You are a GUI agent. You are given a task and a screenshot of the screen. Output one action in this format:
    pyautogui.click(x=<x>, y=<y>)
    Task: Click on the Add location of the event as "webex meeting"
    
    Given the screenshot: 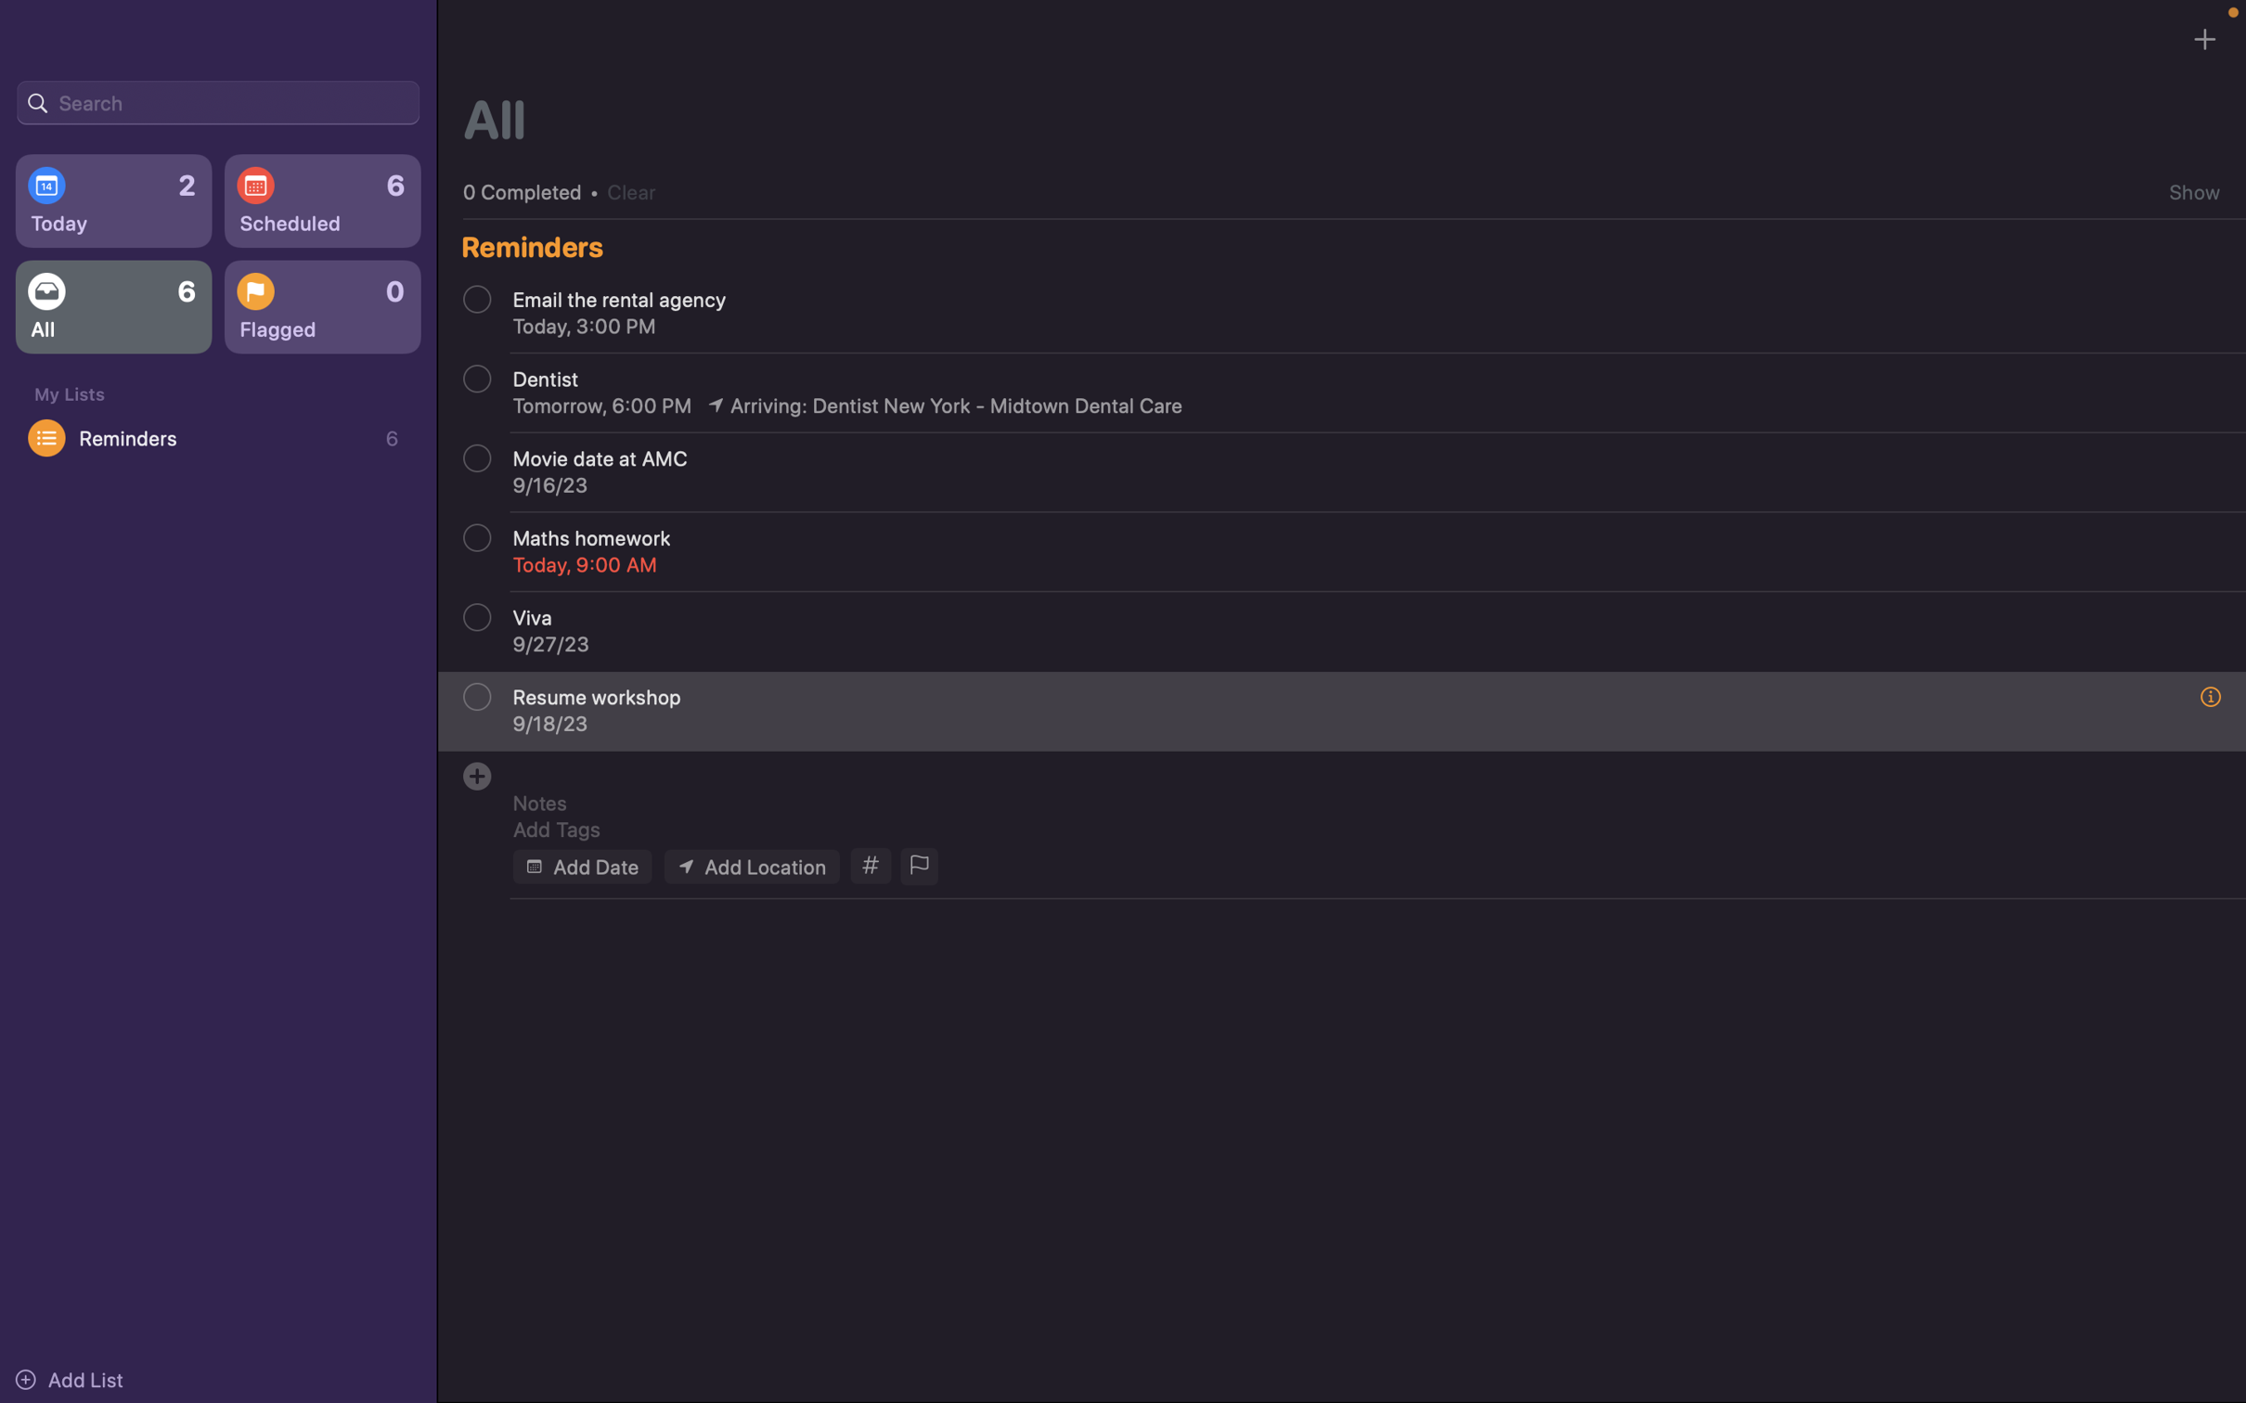 What is the action you would take?
    pyautogui.click(x=750, y=865)
    